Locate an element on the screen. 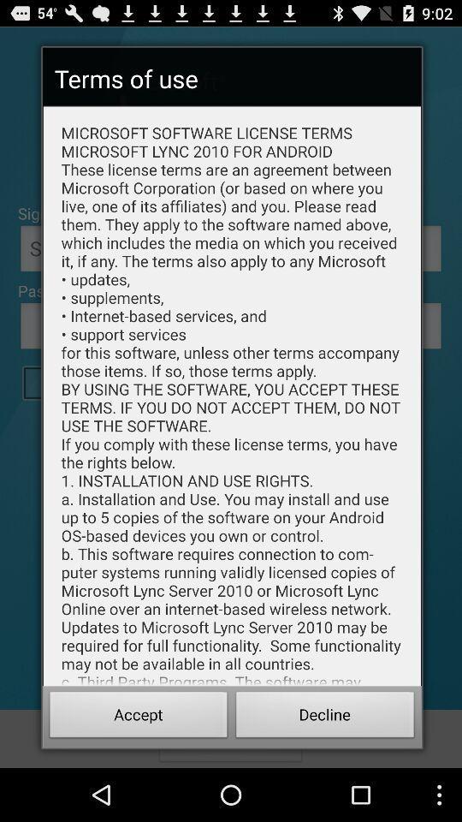 The width and height of the screenshot is (462, 822). accept button is located at coordinates (138, 717).